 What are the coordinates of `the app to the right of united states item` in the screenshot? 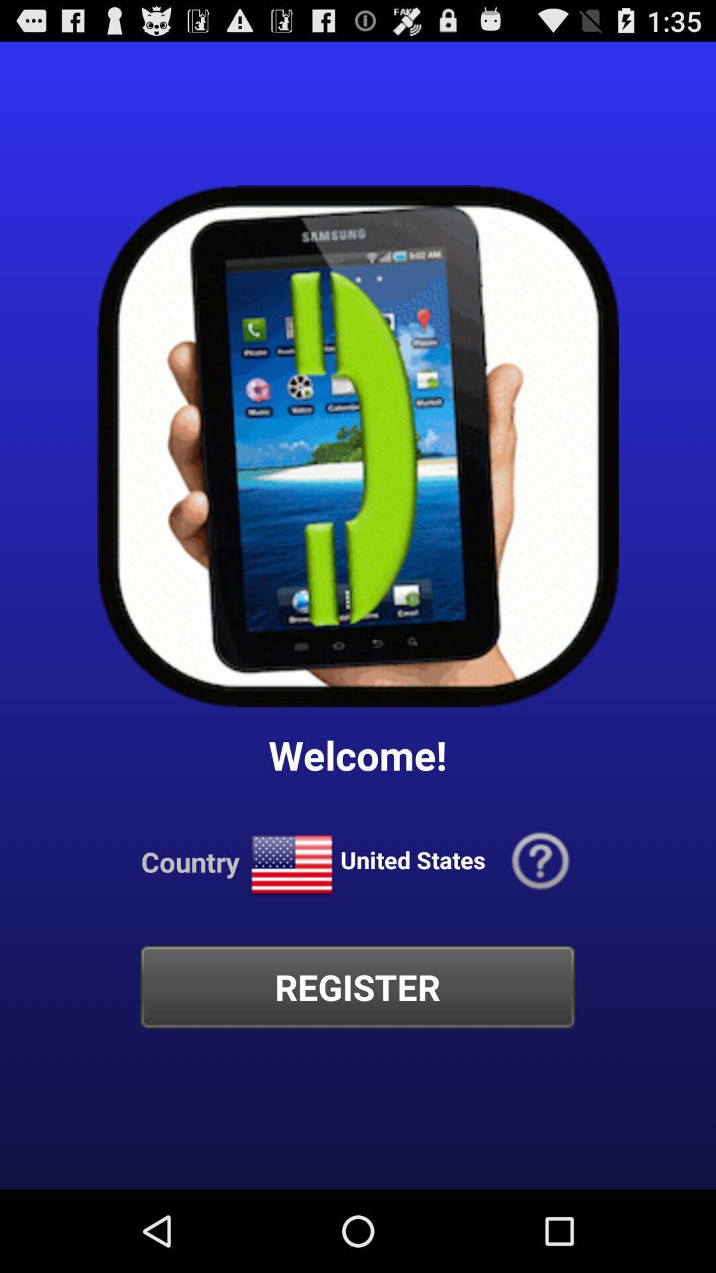 It's located at (540, 861).